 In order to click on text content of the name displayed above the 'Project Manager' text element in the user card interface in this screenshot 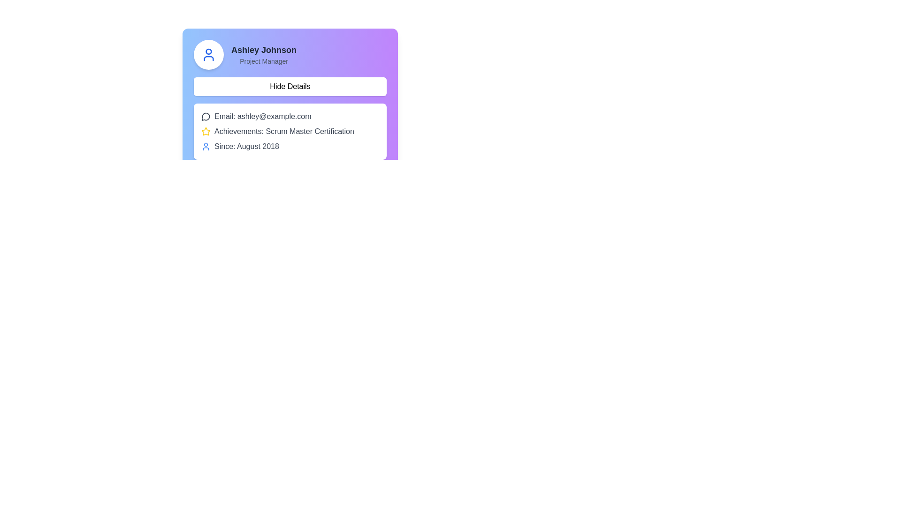, I will do `click(263, 50)`.